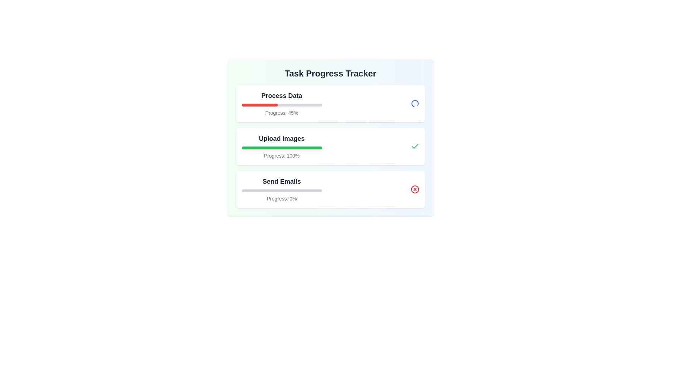 Image resolution: width=687 pixels, height=386 pixels. What do you see at coordinates (281, 147) in the screenshot?
I see `the progress bar indicating '100%' completion of the 'Upload Images' task within the 'Task Progress Tracker' card` at bounding box center [281, 147].